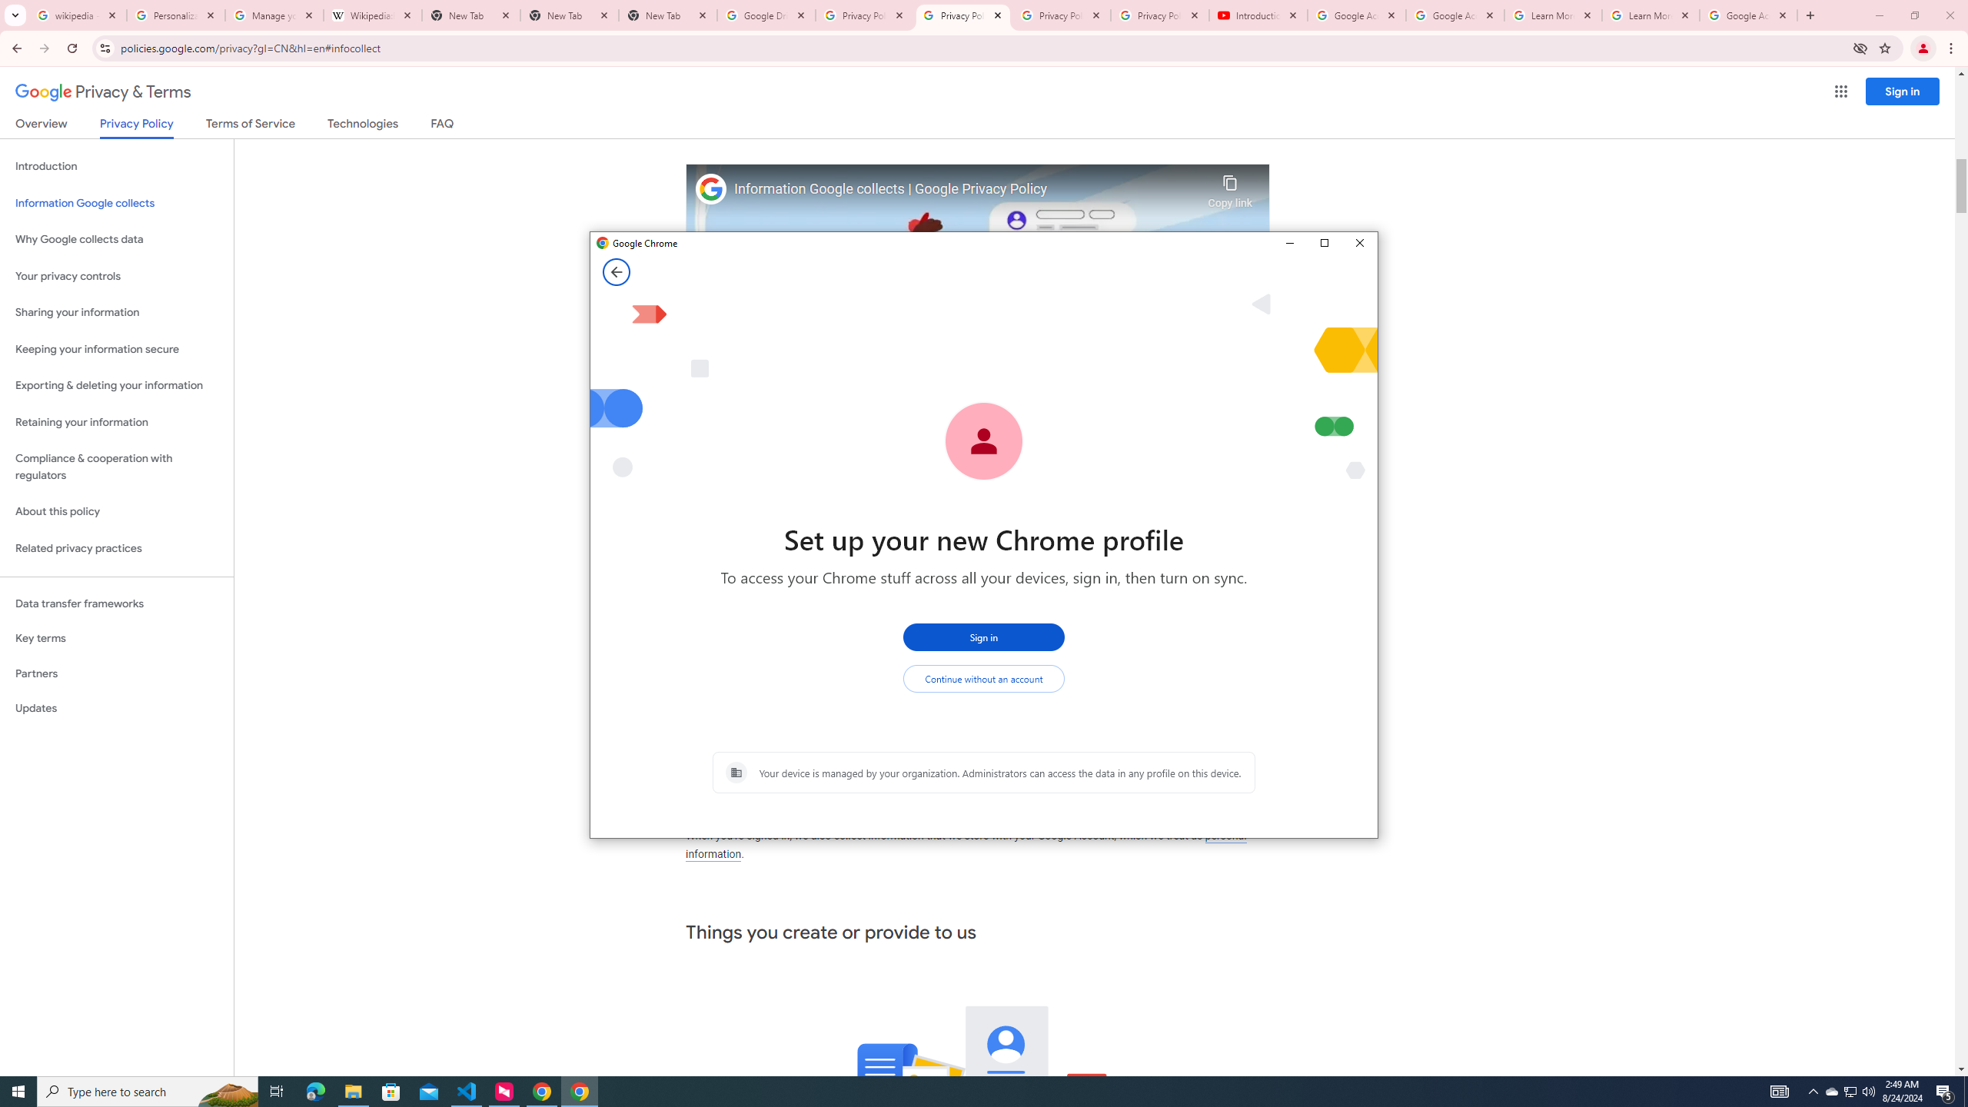 The width and height of the screenshot is (1968, 1107). Describe the element at coordinates (116, 385) in the screenshot. I see `'Exporting & deleting your information'` at that location.